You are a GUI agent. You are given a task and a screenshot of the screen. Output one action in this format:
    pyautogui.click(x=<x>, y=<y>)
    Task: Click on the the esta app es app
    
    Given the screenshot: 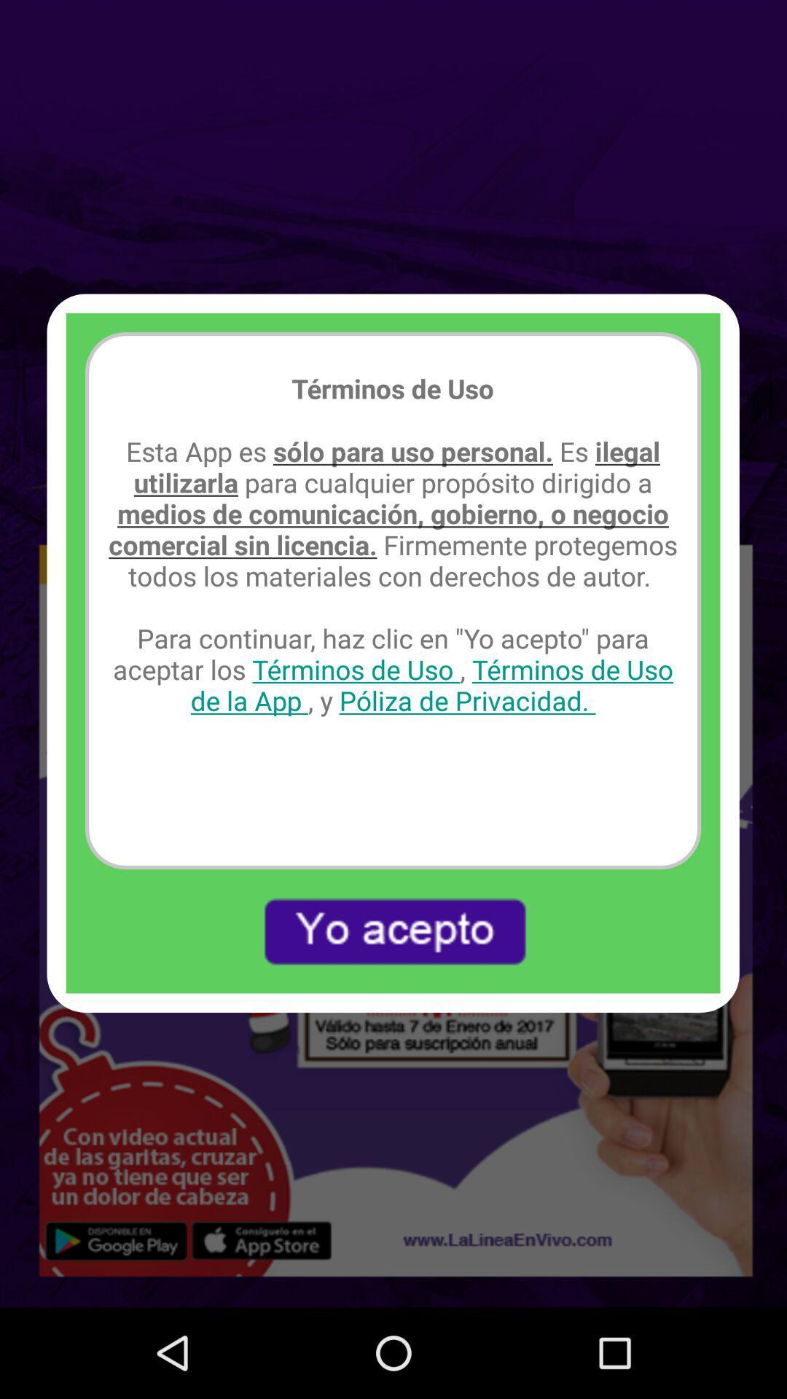 What is the action you would take?
    pyautogui.click(x=392, y=575)
    